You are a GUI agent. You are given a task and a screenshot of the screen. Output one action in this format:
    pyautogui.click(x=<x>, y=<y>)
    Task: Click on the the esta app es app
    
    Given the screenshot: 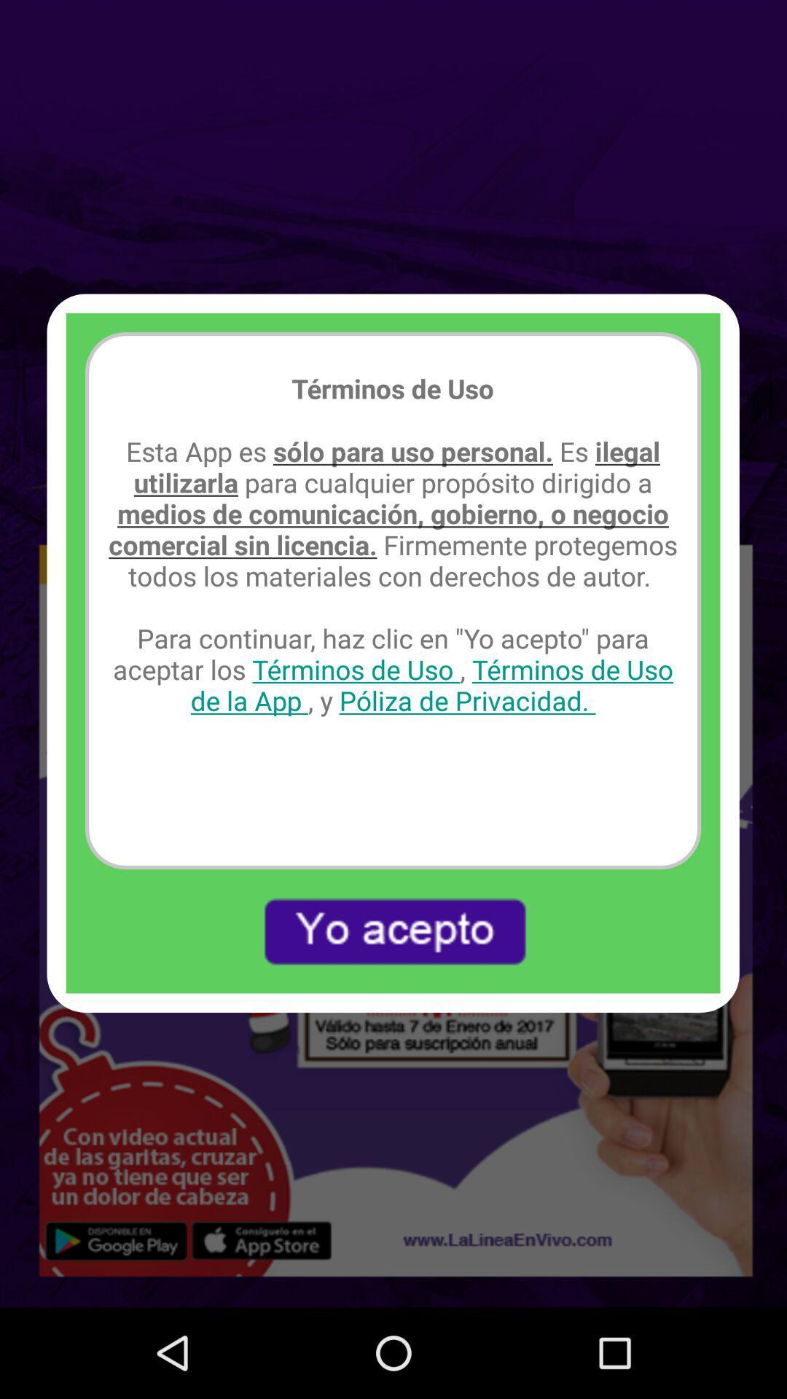 What is the action you would take?
    pyautogui.click(x=392, y=575)
    